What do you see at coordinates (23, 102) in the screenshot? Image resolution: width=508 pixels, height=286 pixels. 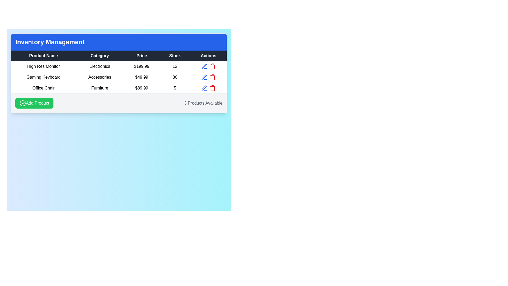 I see `the visual representation of success by focusing on the thin, slanted checkmark styled in a vector graphic format within the 'Add Product' button area, which is part of the 'check circle' icon` at bounding box center [23, 102].